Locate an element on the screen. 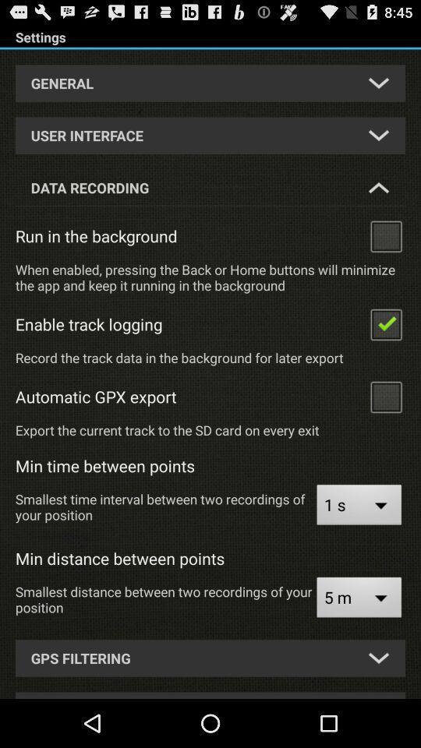  click run in the background is located at coordinates (385, 235).